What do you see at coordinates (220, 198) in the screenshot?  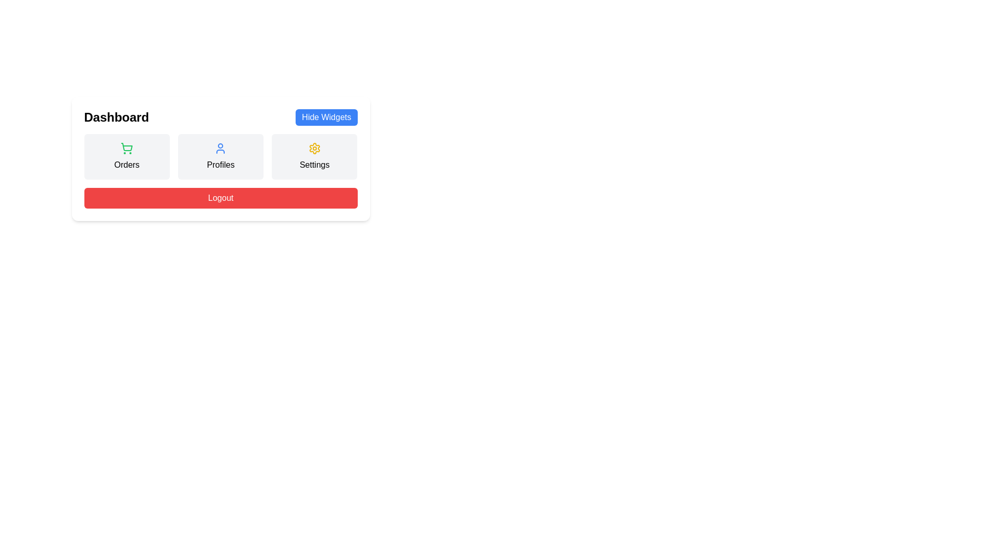 I see `the 'Logout' button located below the 'Orders', 'Profiles', and 'Settings' options to change its appearance` at bounding box center [220, 198].